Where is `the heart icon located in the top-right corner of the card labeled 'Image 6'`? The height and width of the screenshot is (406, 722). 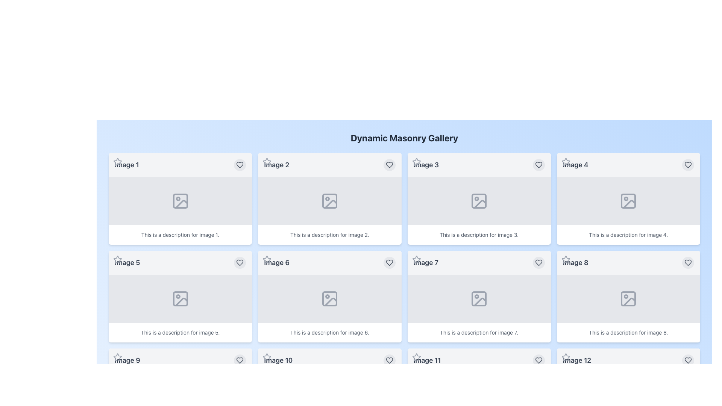
the heart icon located in the top-right corner of the card labeled 'Image 6' is located at coordinates (389, 262).